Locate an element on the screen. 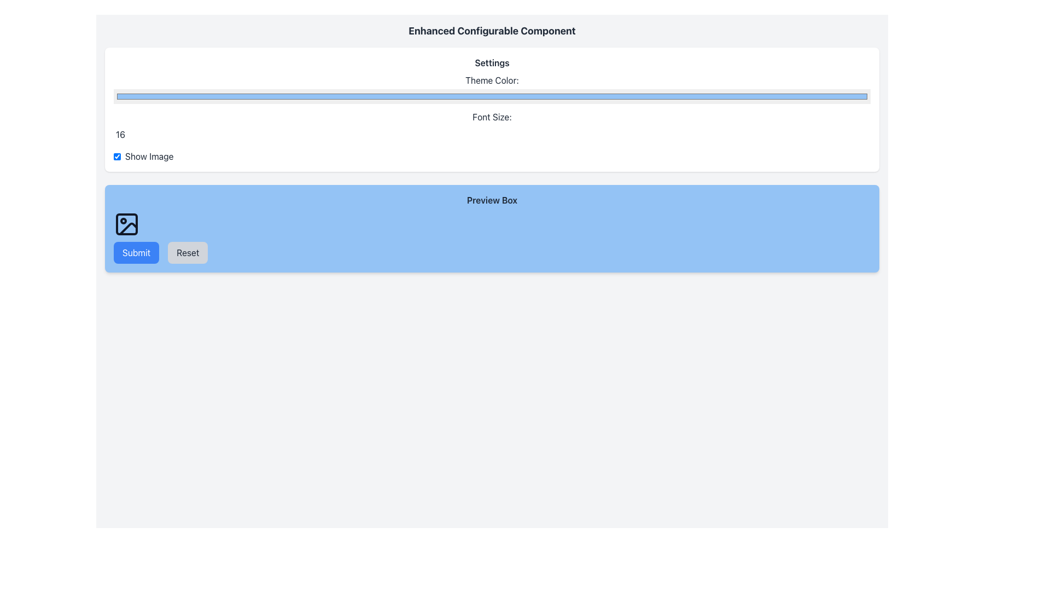 The image size is (1050, 591). displayed text 'Settings' which is a bold text element located at the top of a white rectangular box with rounded corners is located at coordinates (492, 63).